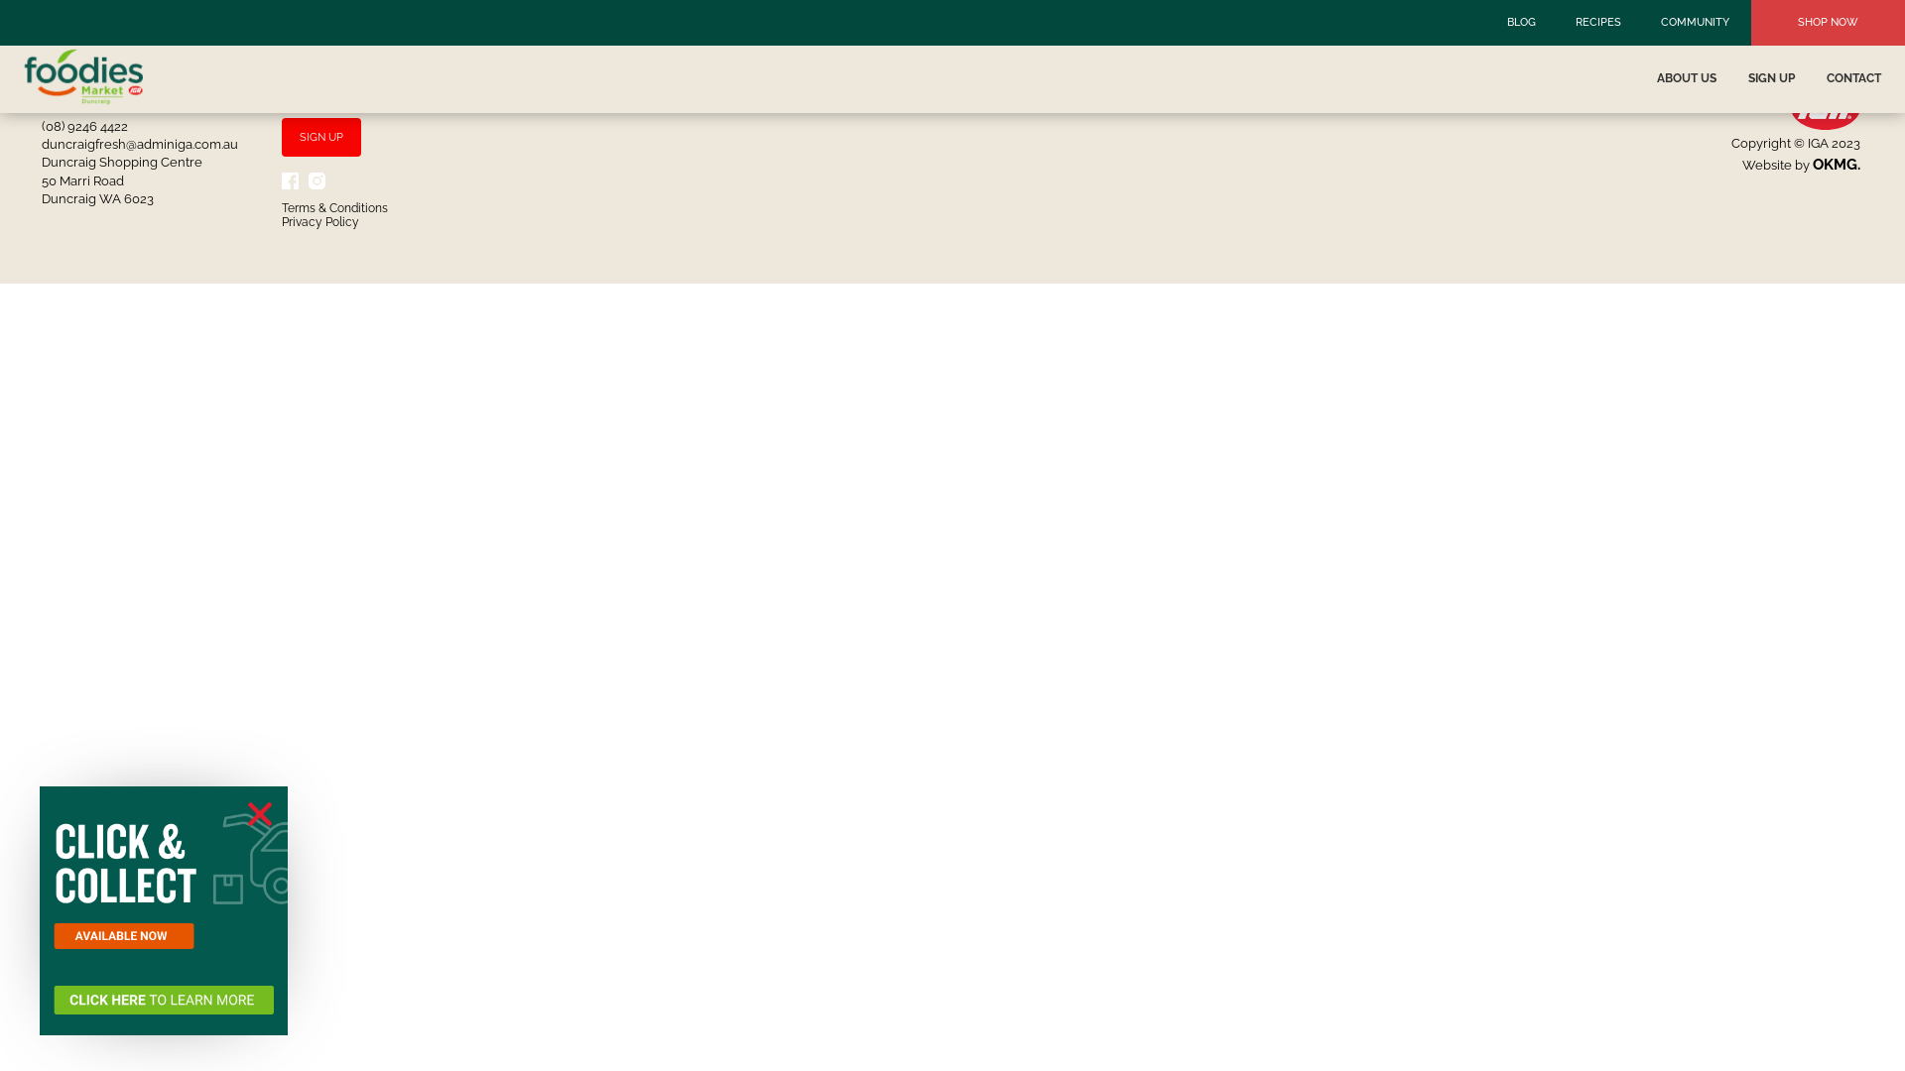  Describe the element at coordinates (334, 207) in the screenshot. I see `'Terms & Conditions'` at that location.